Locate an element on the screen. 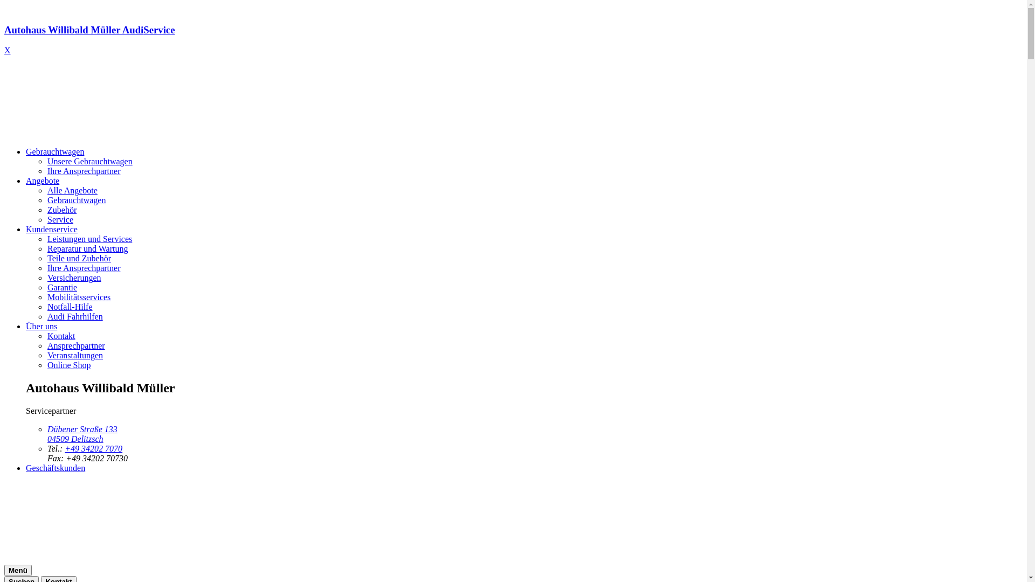 This screenshot has width=1035, height=582. 'Leistungen und Services' is located at coordinates (89, 238).